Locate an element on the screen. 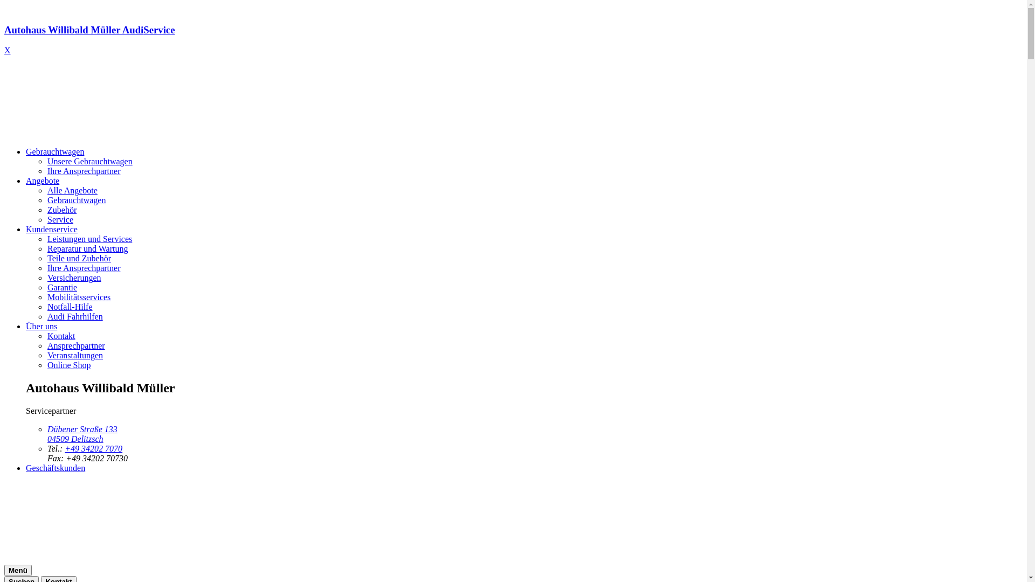 This screenshot has width=1035, height=582. 'Leistungen und Services' is located at coordinates (89, 238).